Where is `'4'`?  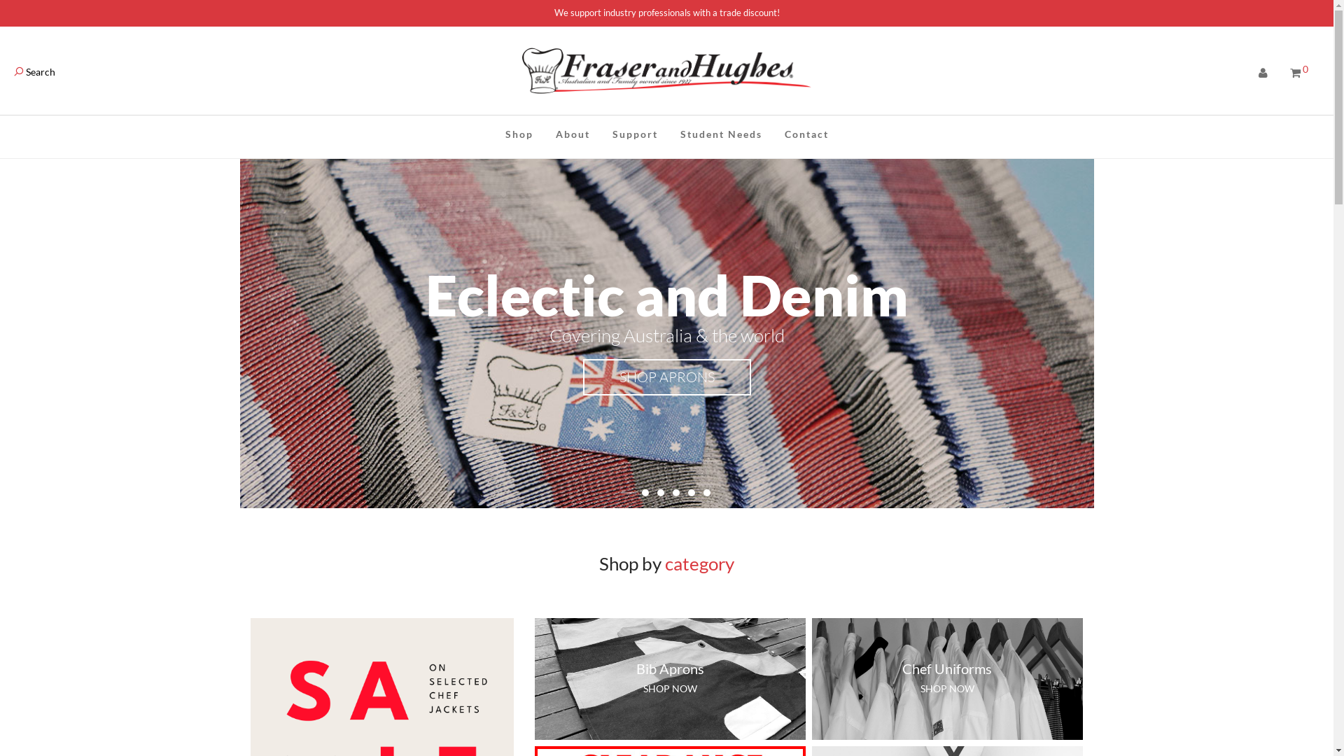 '4' is located at coordinates (675, 492).